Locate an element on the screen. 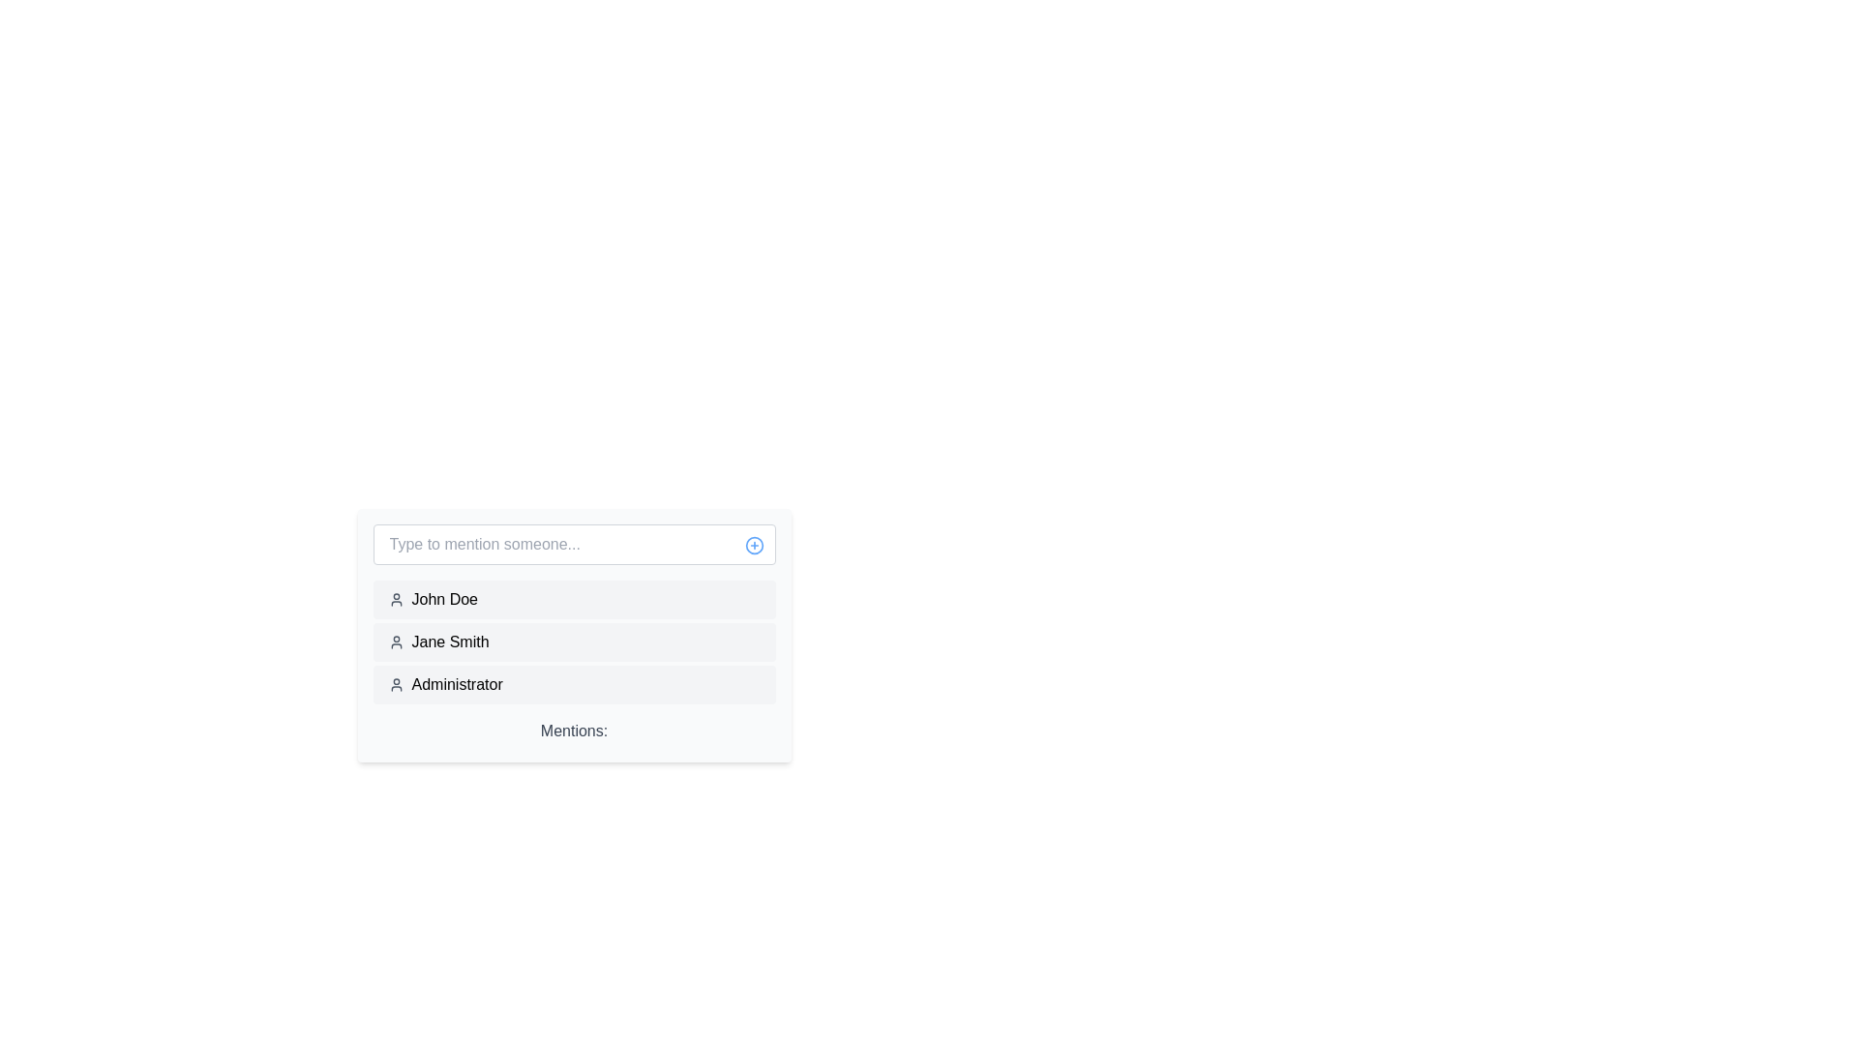 The height and width of the screenshot is (1045, 1858). the List item representing the 'Administrator' role is located at coordinates (573, 684).